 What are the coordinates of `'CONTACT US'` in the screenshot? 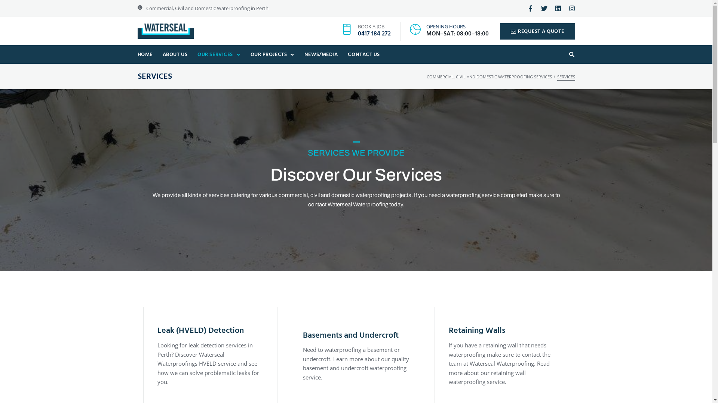 It's located at (342, 54).